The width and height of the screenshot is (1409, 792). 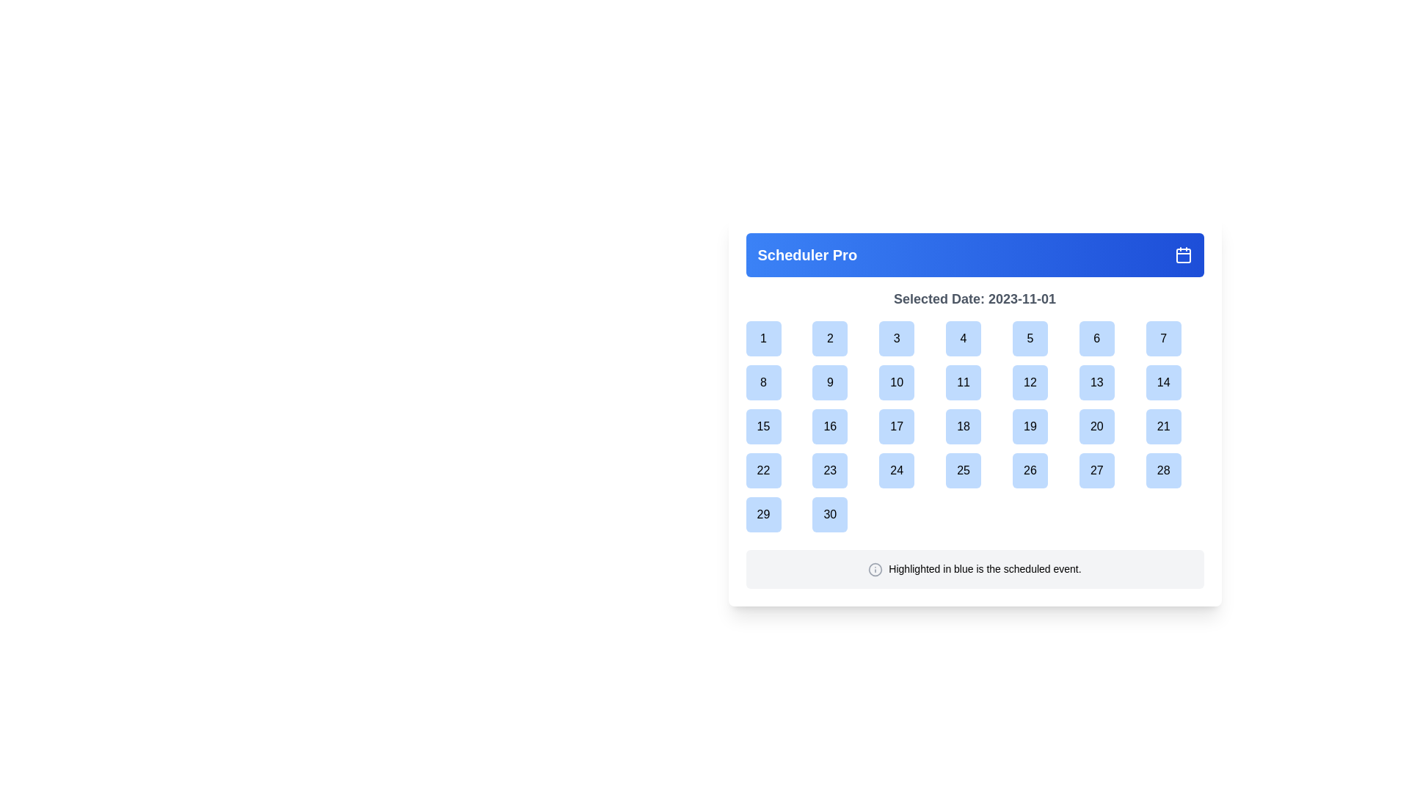 I want to click on the square-shaped button with a light blue background containing the number '20', so click(x=1108, y=427).